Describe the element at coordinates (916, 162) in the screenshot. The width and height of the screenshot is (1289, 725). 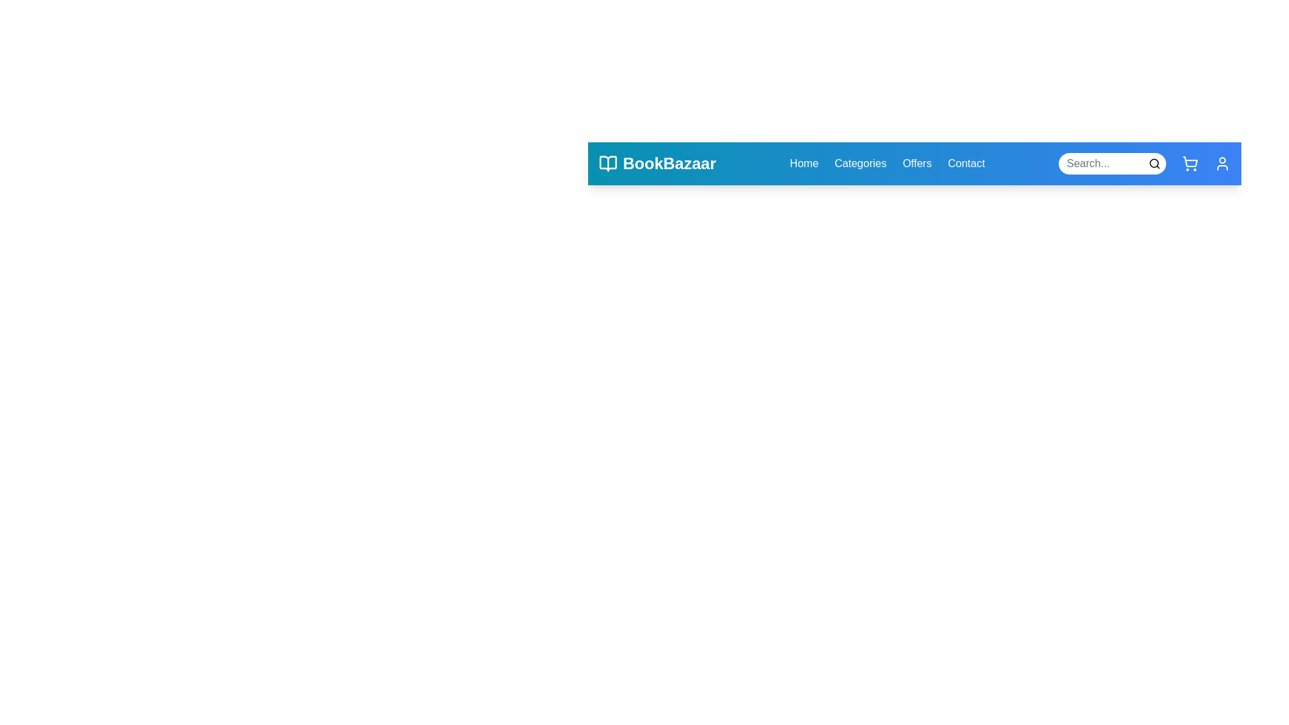
I see `the navigation link Offers to observe the hover effect` at that location.